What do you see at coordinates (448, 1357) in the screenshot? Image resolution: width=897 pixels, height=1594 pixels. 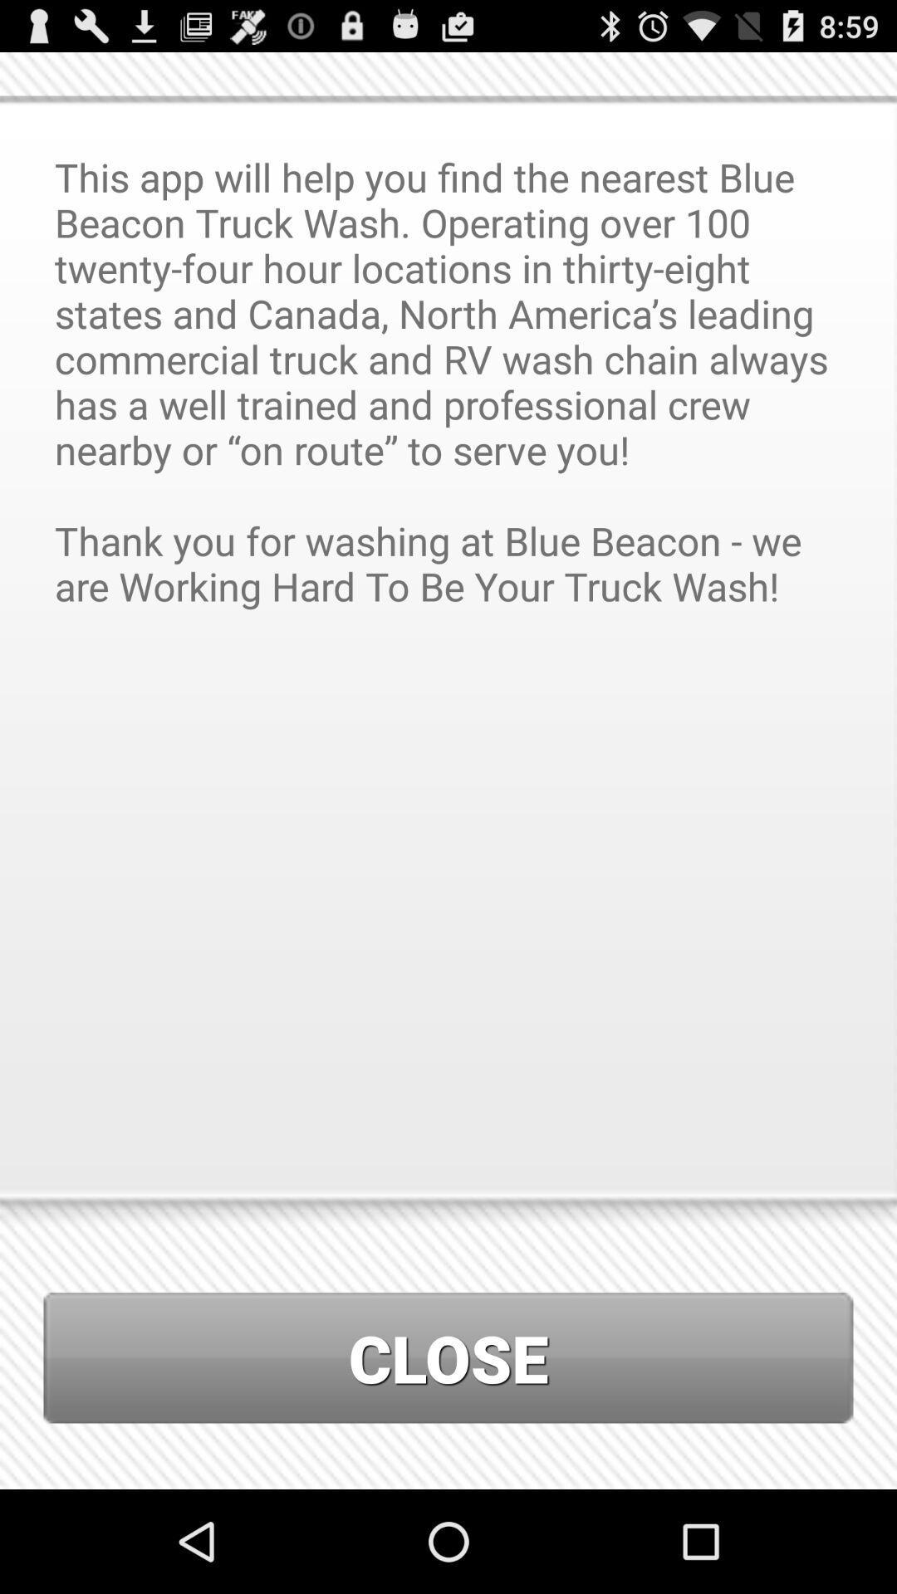 I see `the close at the bottom` at bounding box center [448, 1357].